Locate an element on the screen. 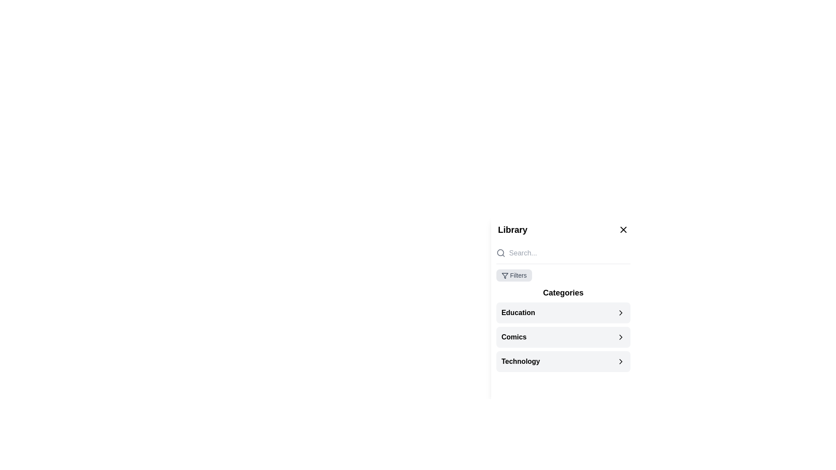  the 'Comics' label, which is styled in bold sans-serif font and located in the middle of the second item in the 'Categories' section is located at coordinates (514, 337).